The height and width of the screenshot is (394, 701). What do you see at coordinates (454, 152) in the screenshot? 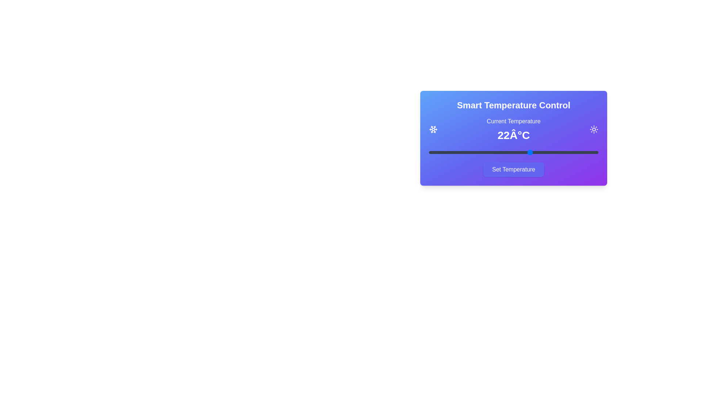
I see `the temperature slider` at bounding box center [454, 152].